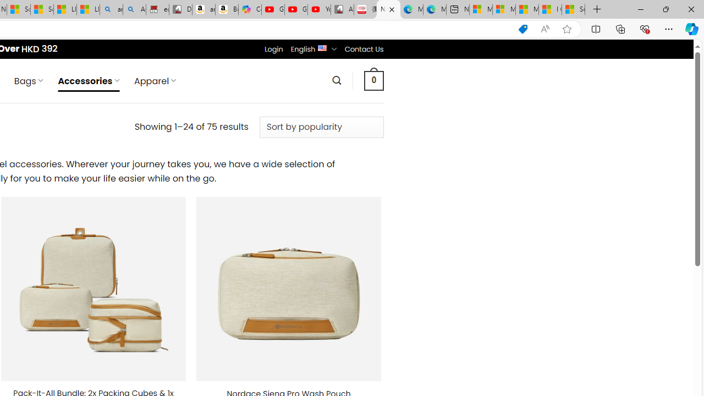  I want to click on 'English', so click(322, 47).